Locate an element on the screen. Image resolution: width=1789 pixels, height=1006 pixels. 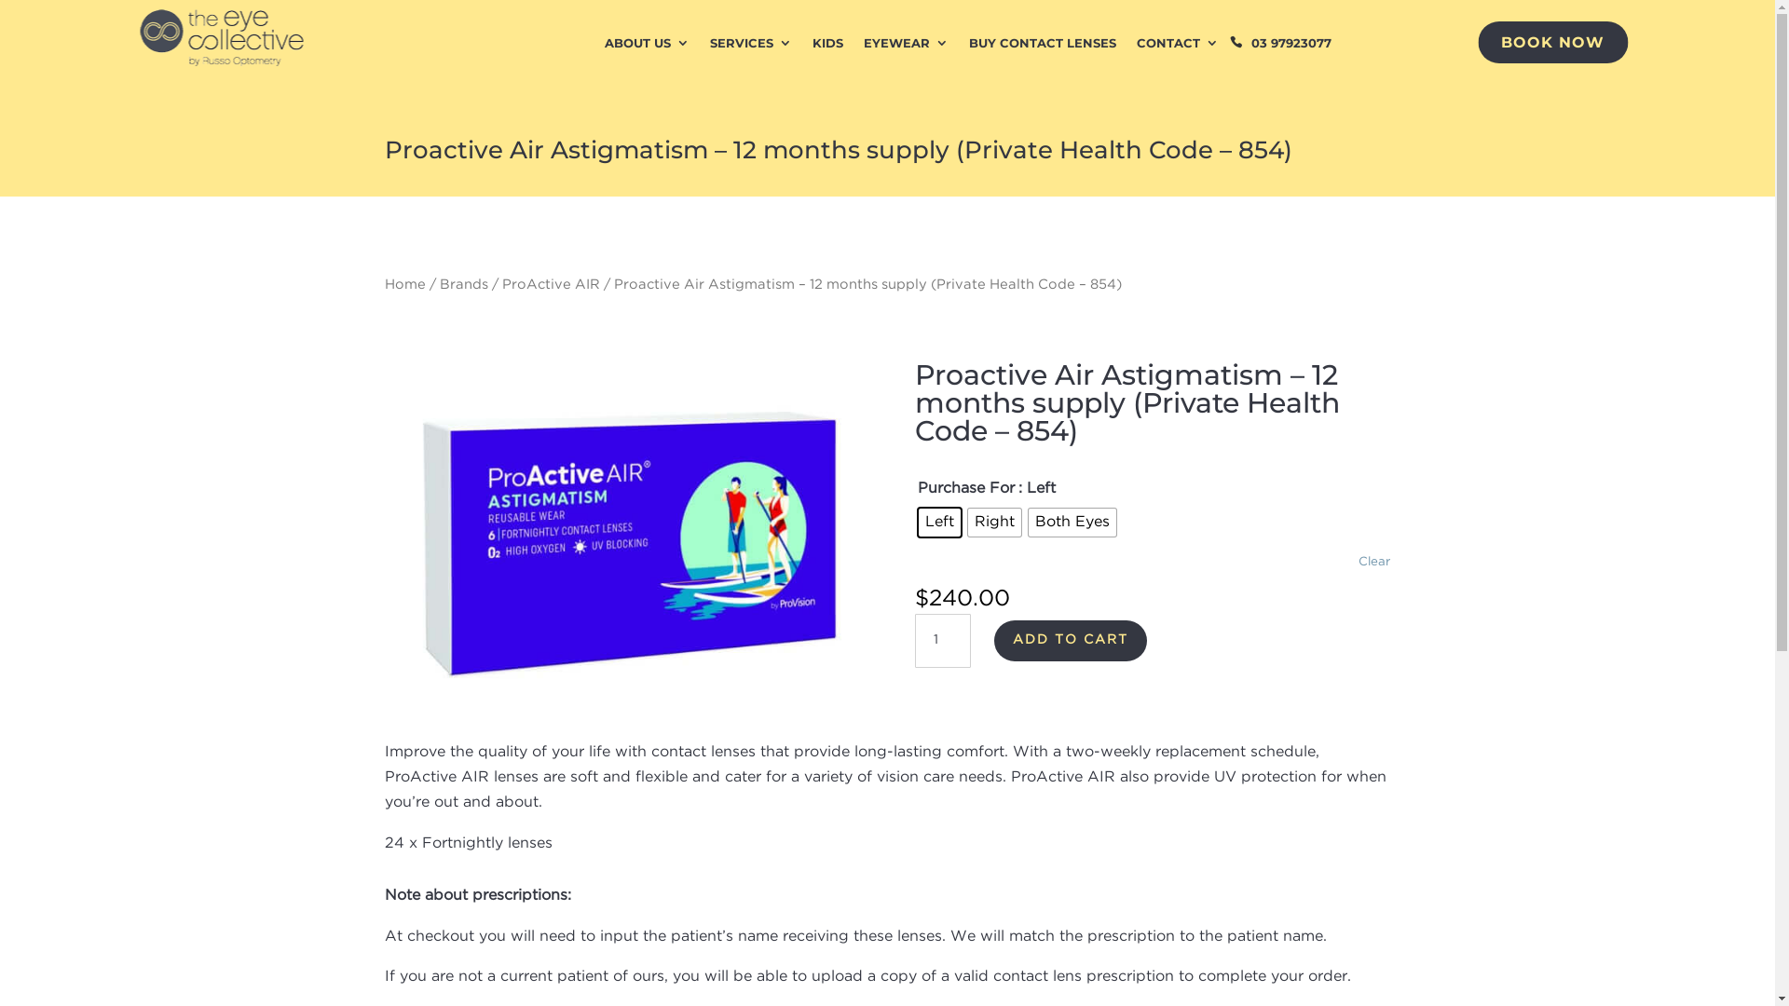
'ProActive AIR' is located at coordinates (500, 284).